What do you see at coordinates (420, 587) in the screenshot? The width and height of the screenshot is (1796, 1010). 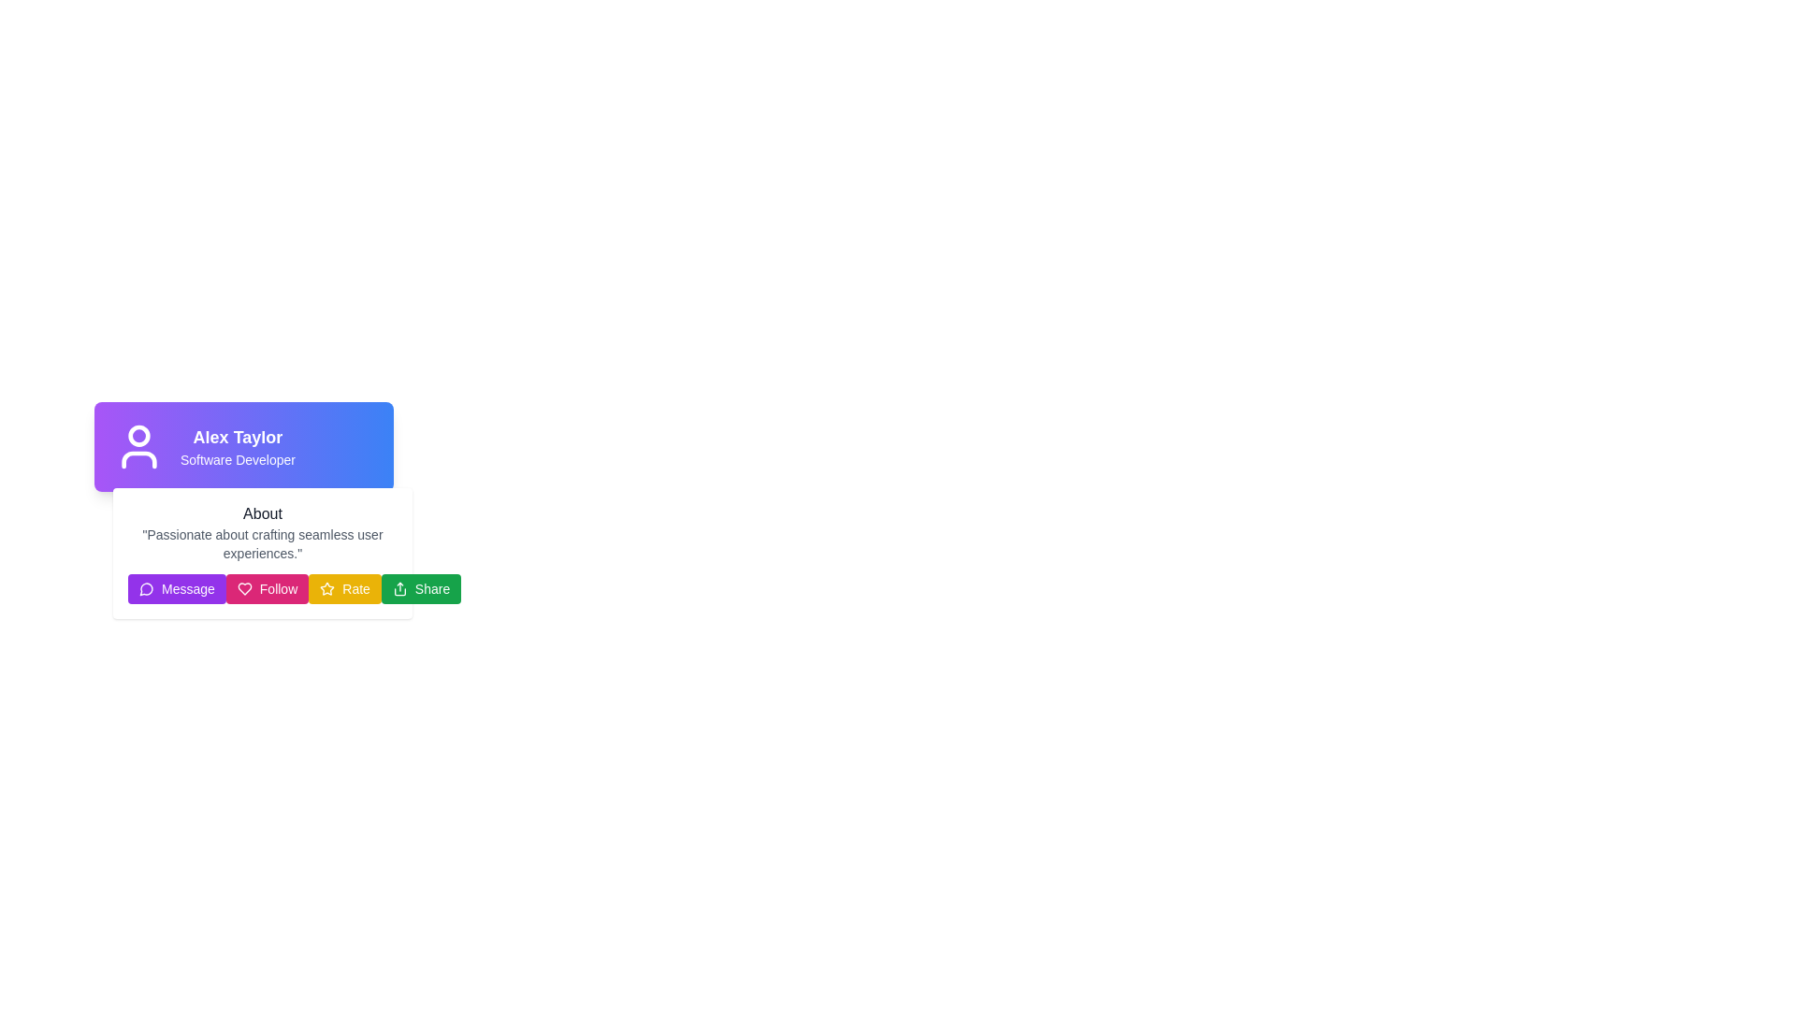 I see `the green 'Share' button with rounded corners and white text` at bounding box center [420, 587].